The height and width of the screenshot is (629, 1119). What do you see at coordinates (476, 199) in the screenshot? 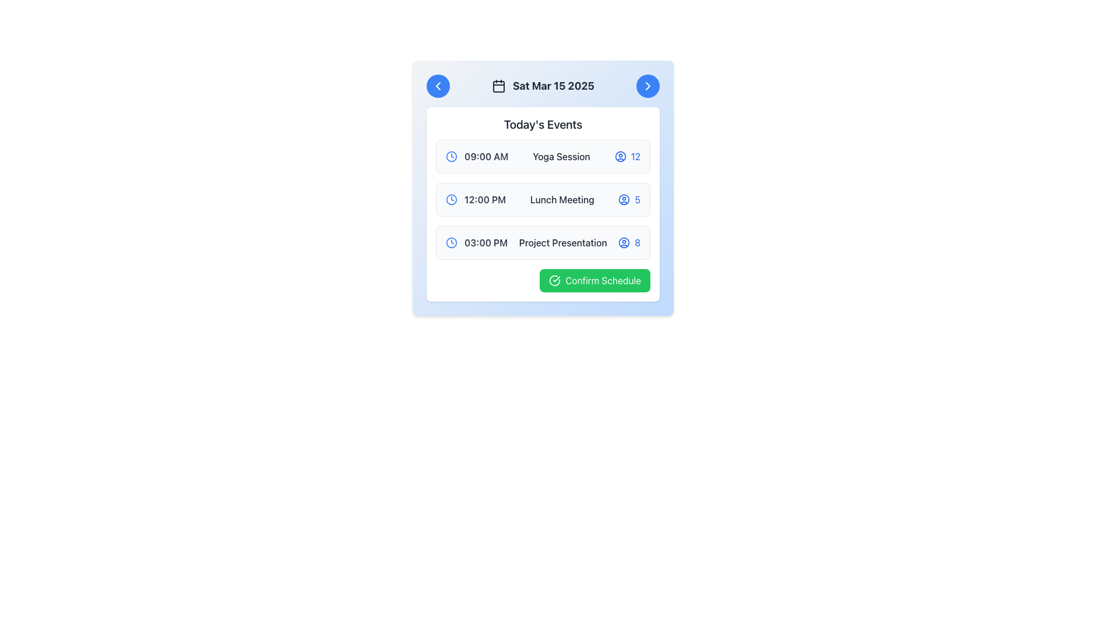
I see `time displayed in the Time display with icon for the 'Lunch Meeting' event, located in the center of the list` at bounding box center [476, 199].